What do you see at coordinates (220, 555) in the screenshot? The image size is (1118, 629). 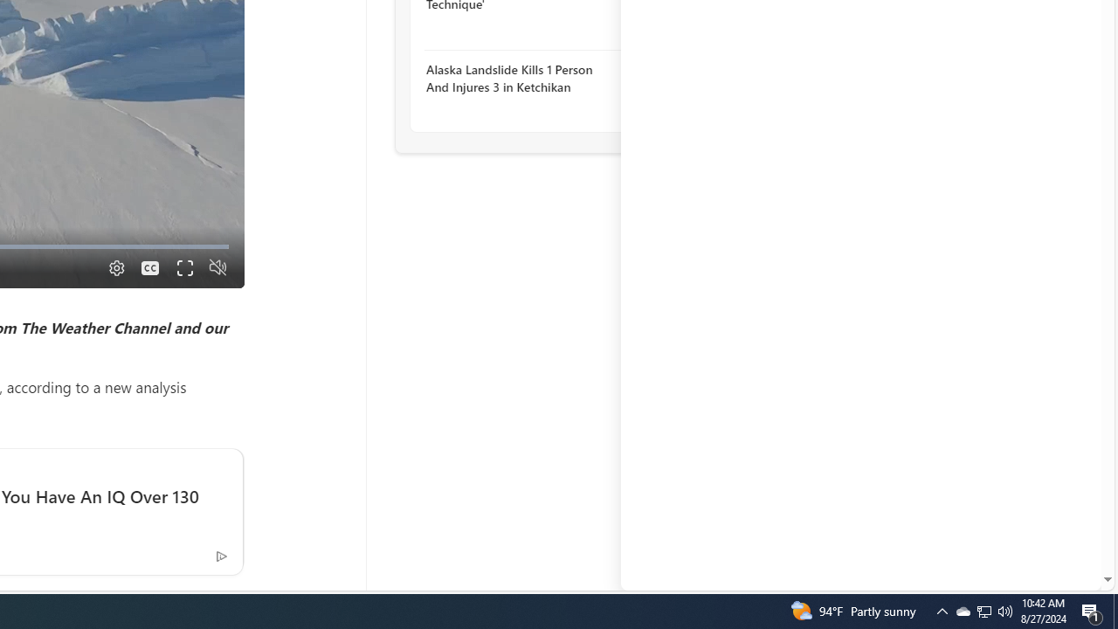 I see `'Ad Choice'` at bounding box center [220, 555].